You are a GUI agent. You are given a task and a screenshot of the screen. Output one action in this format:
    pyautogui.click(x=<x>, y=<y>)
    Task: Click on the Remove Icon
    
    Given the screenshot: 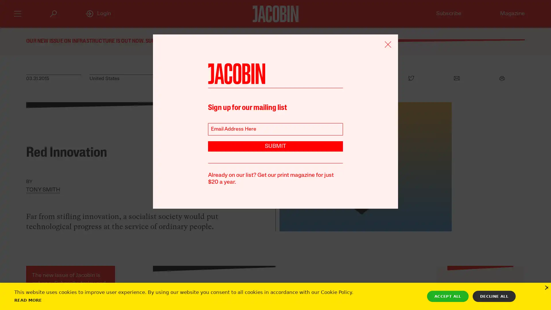 What is the action you would take?
    pyautogui.click(x=388, y=45)
    